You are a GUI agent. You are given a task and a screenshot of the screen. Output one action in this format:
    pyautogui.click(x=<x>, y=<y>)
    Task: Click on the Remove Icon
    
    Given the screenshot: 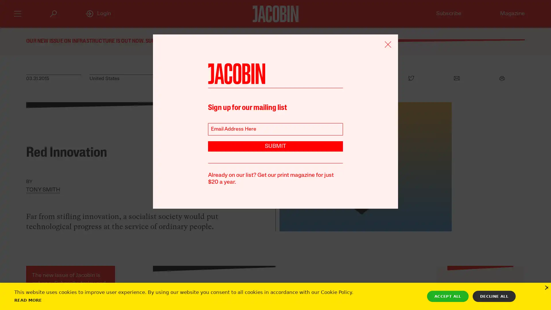 What is the action you would take?
    pyautogui.click(x=388, y=45)
    